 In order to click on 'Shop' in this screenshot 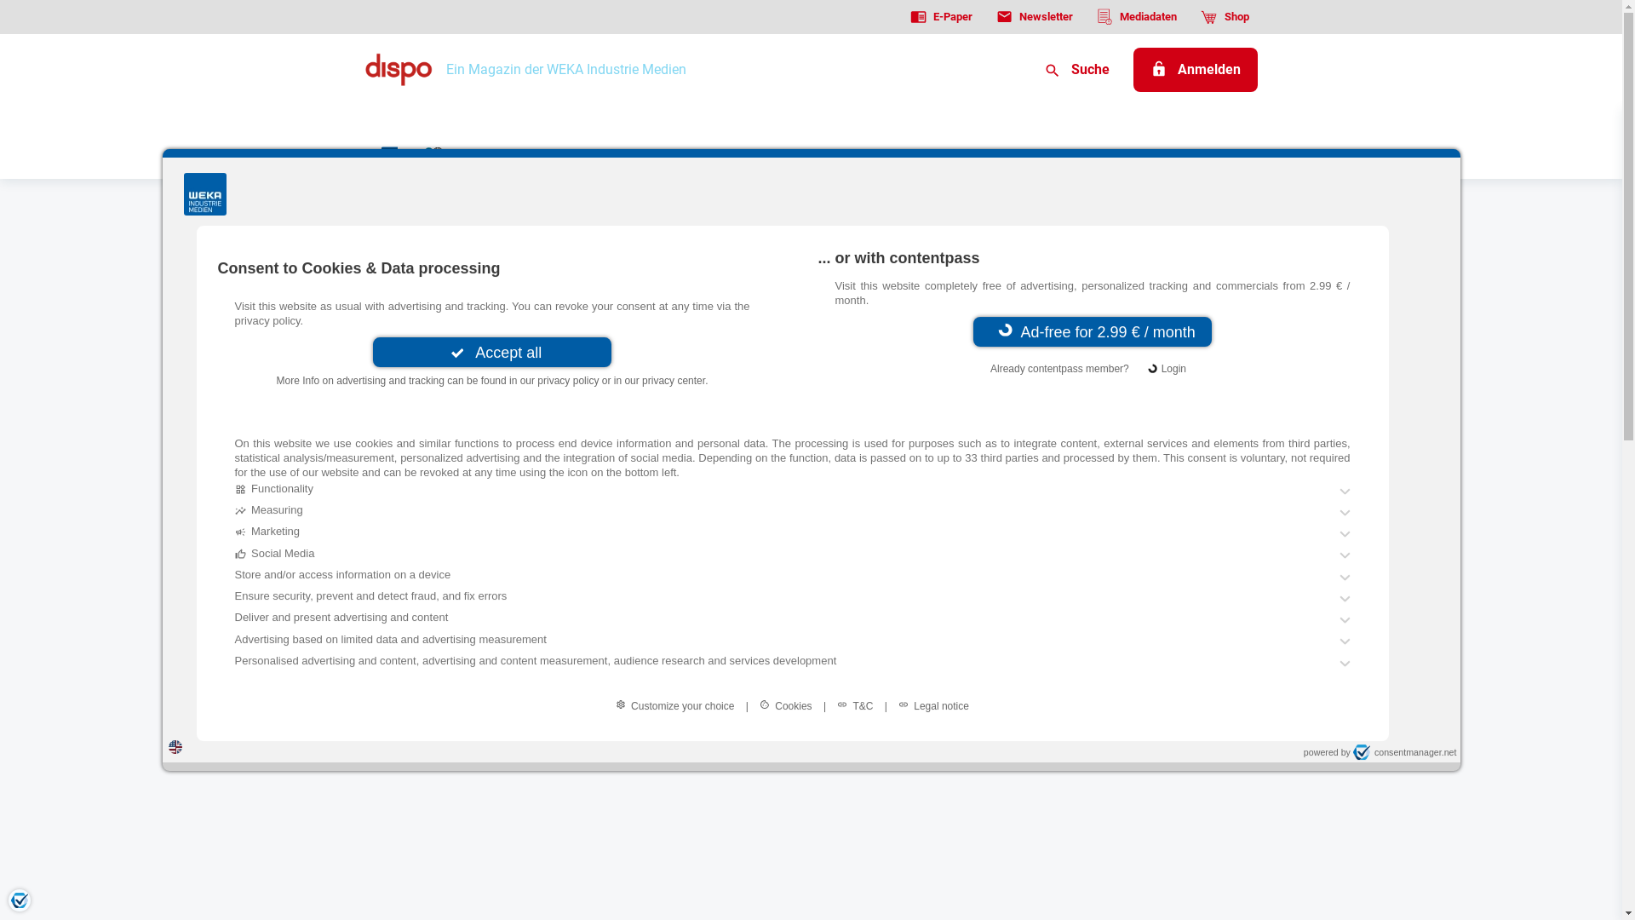, I will do `click(1224, 16)`.